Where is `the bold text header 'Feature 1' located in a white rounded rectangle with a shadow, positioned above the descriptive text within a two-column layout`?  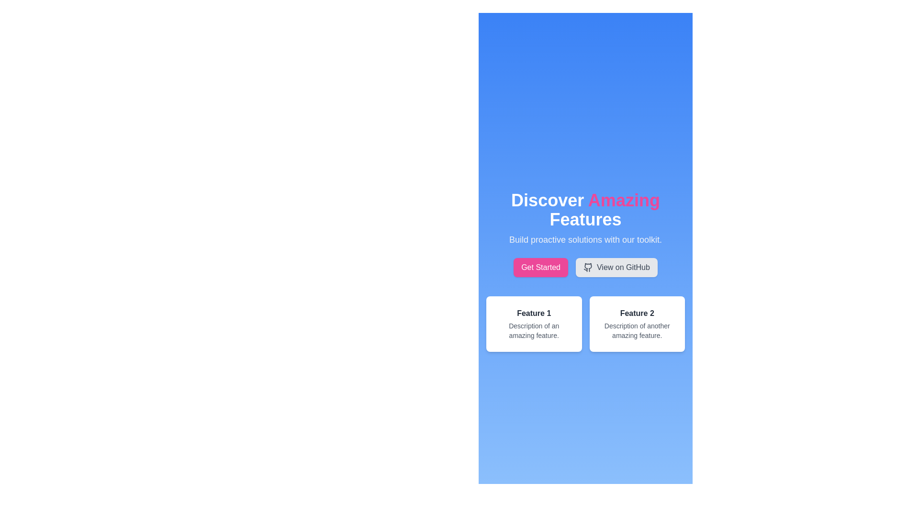 the bold text header 'Feature 1' located in a white rounded rectangle with a shadow, positioned above the descriptive text within a two-column layout is located at coordinates (533, 314).